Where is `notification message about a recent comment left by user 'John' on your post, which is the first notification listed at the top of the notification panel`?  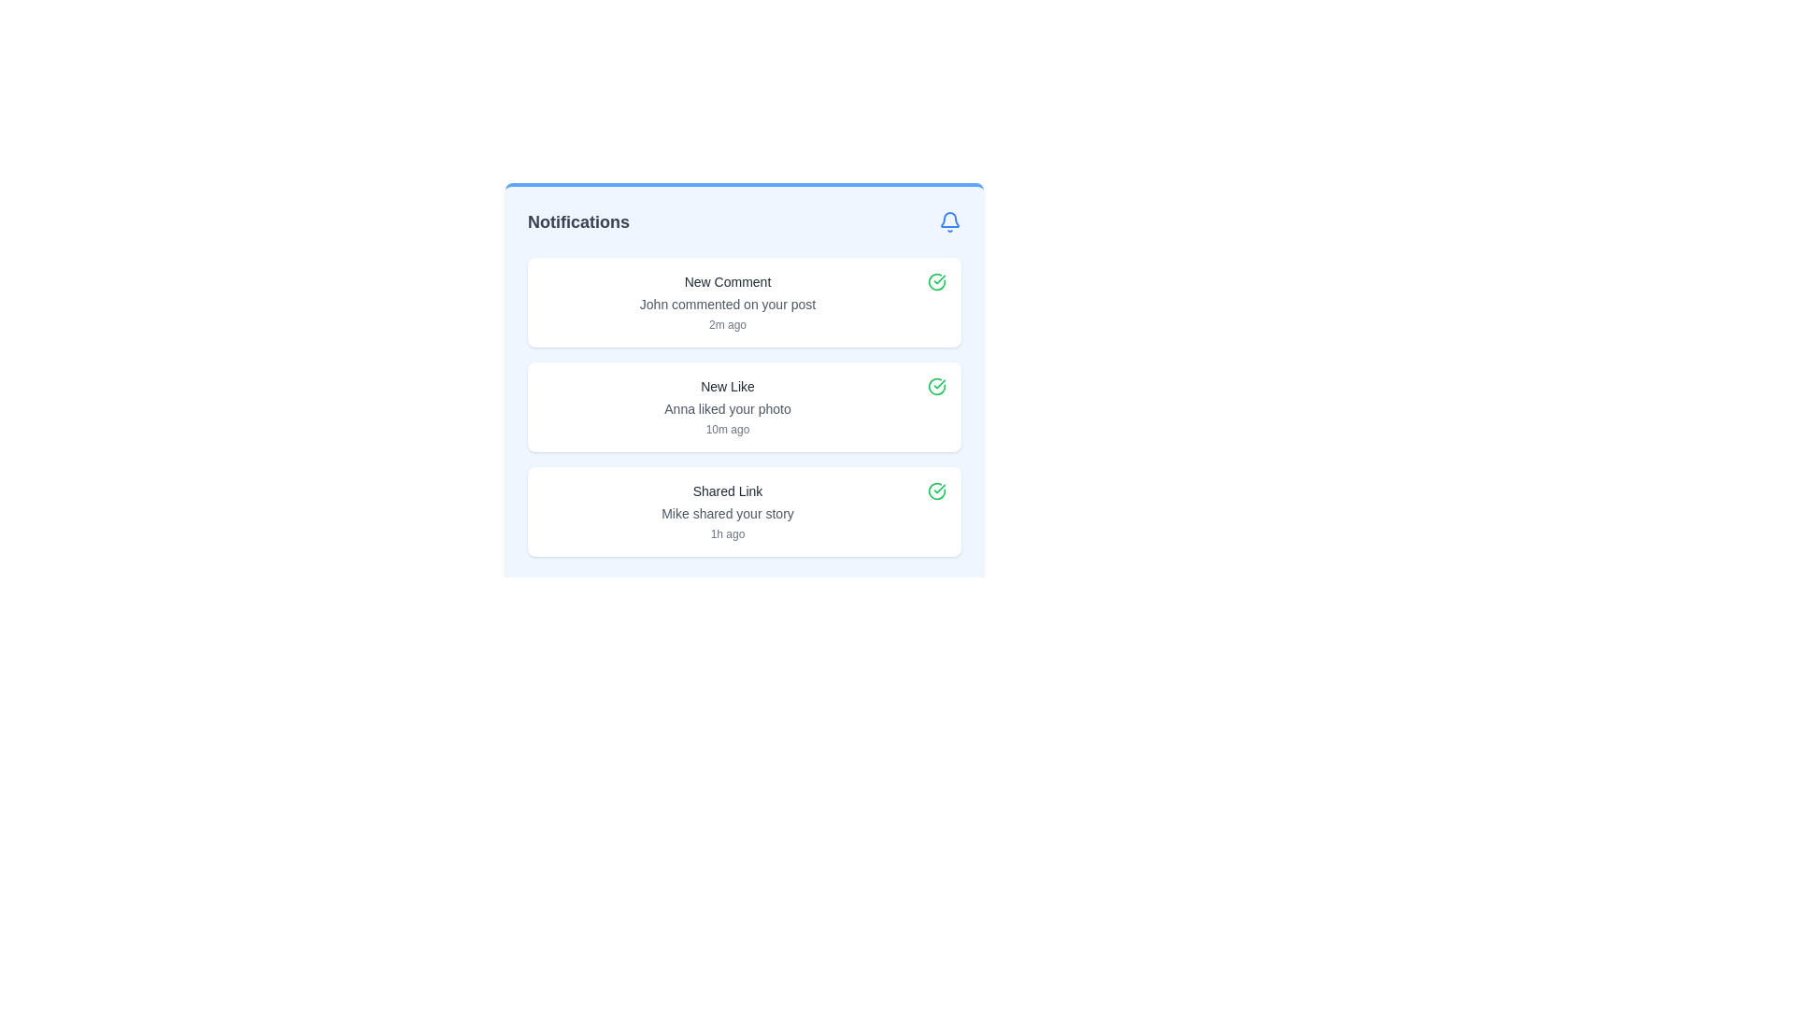
notification message about a recent comment left by user 'John' on your post, which is the first notification listed at the top of the notification panel is located at coordinates (726, 302).